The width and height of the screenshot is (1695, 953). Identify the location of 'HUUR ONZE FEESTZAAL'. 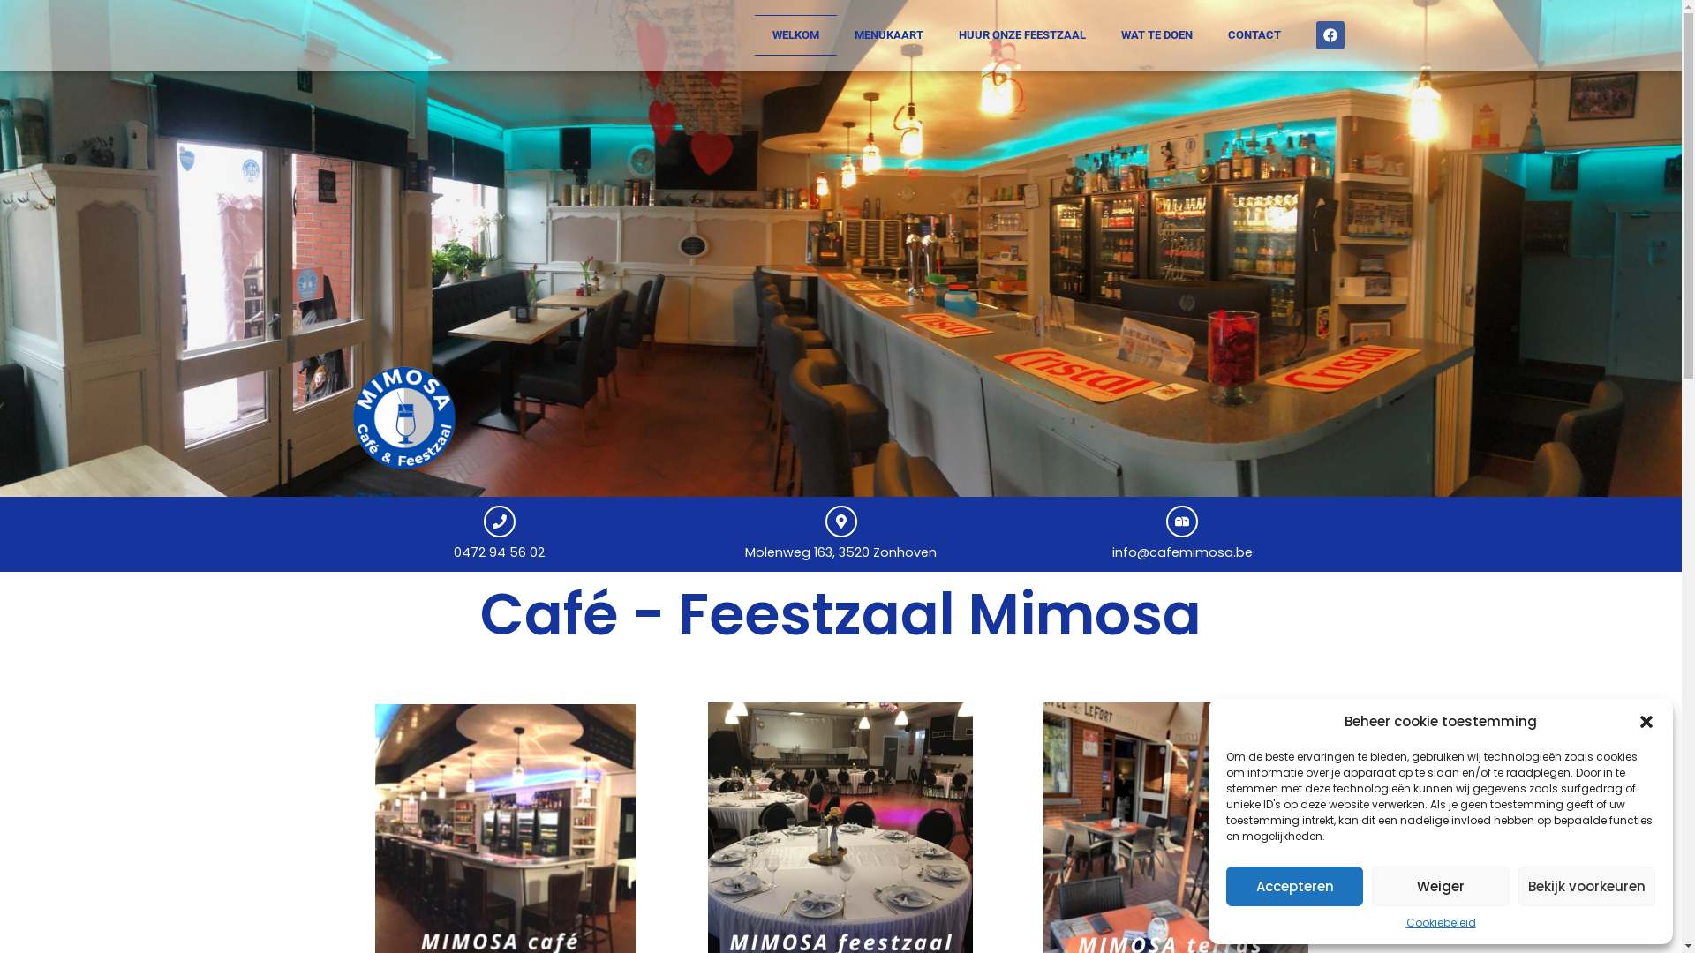
(939, 34).